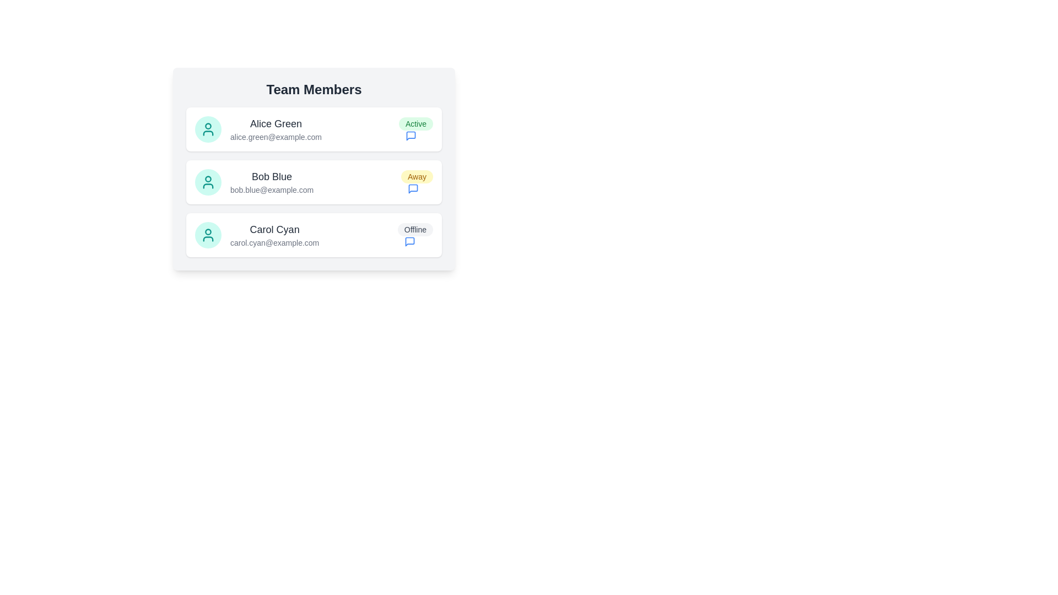  I want to click on the Icon button located to the right of the 'Offline' label, so click(409, 241).